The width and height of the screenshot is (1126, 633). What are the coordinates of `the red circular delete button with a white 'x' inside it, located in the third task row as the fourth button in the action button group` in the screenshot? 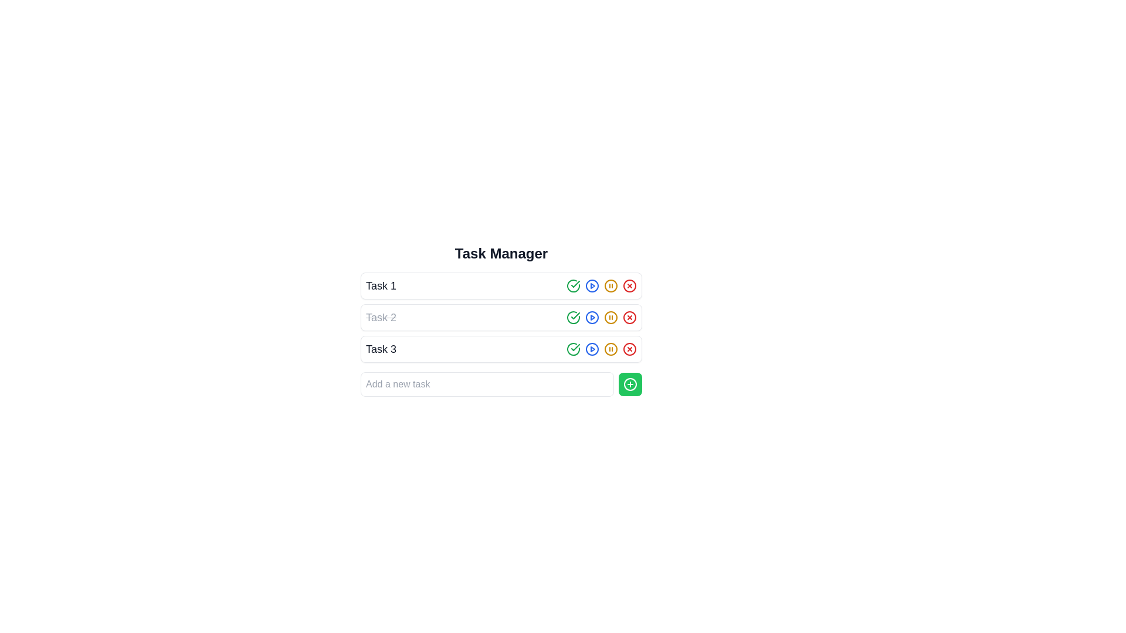 It's located at (629, 349).